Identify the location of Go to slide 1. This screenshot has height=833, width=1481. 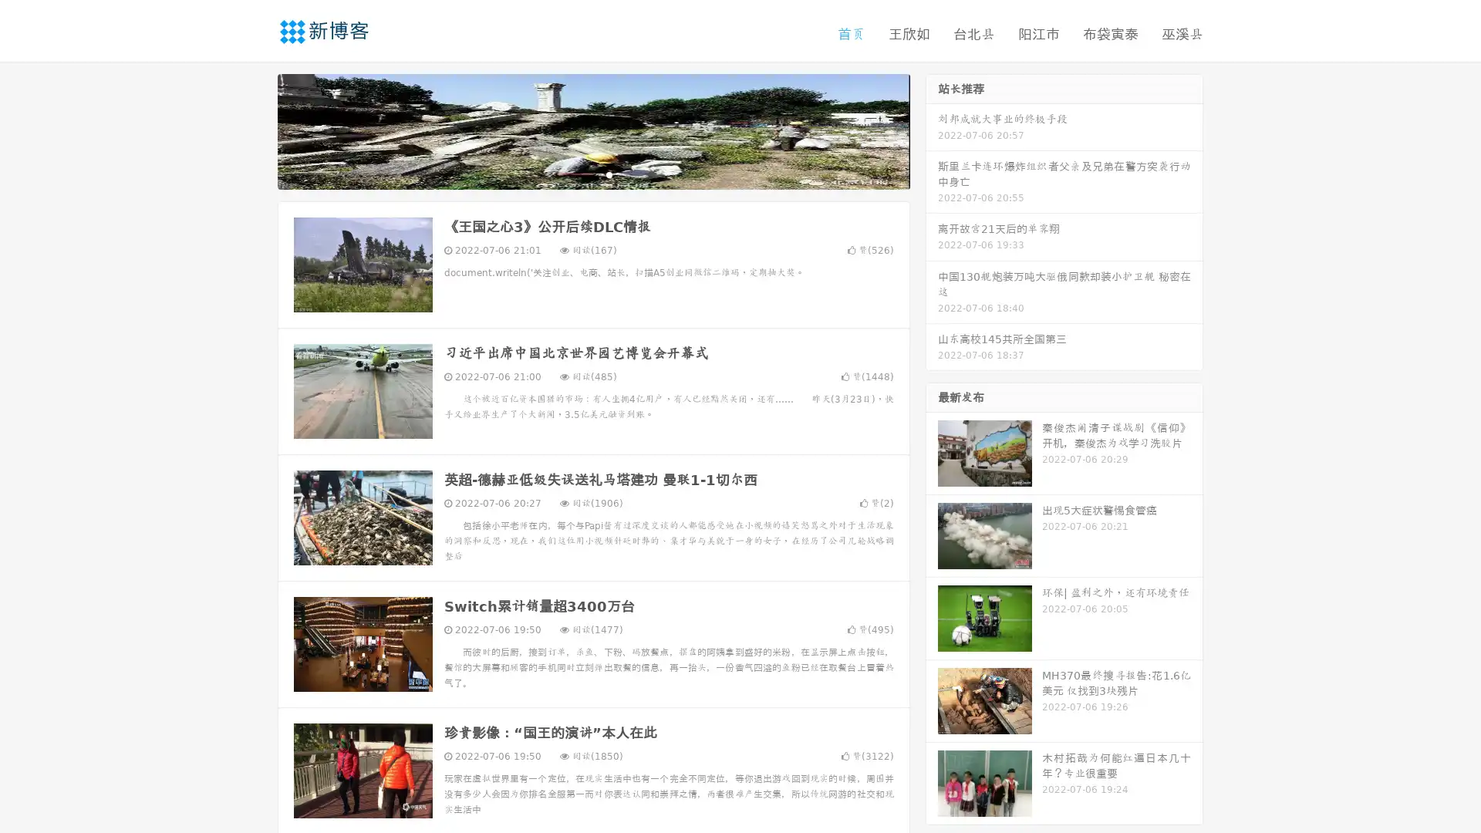
(577, 174).